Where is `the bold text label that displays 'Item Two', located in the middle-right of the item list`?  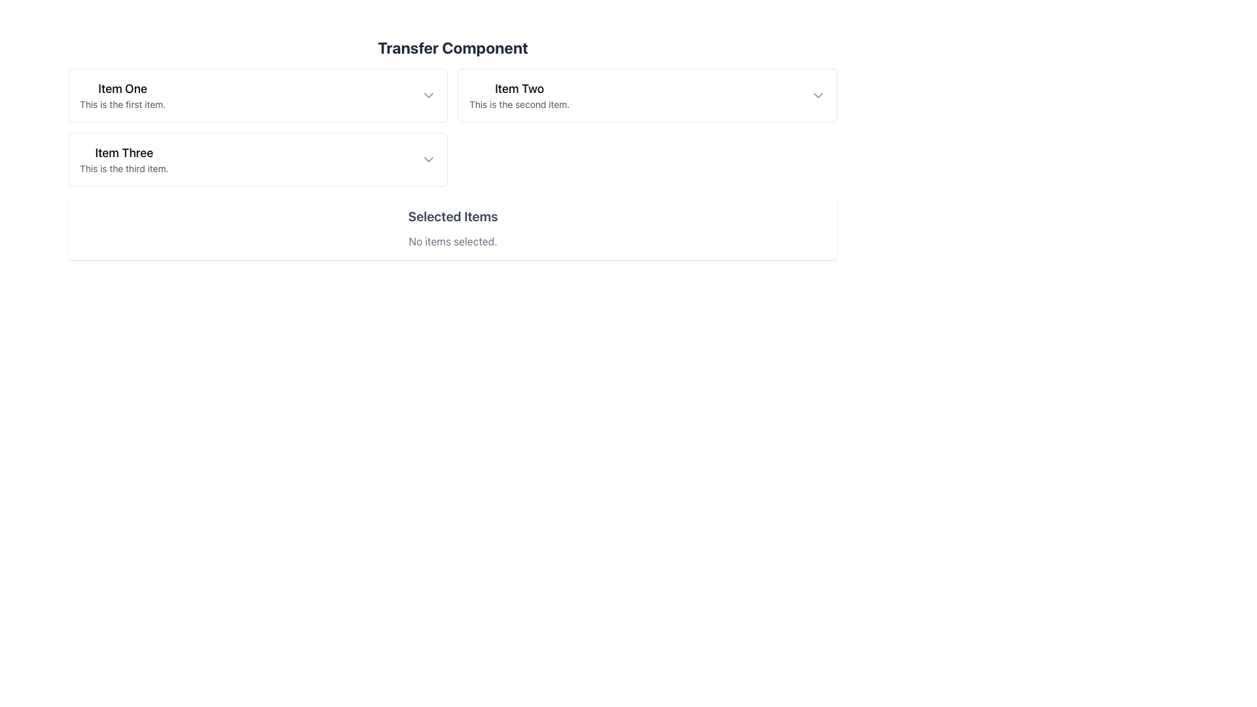 the bold text label that displays 'Item Two', located in the middle-right of the item list is located at coordinates (519, 88).